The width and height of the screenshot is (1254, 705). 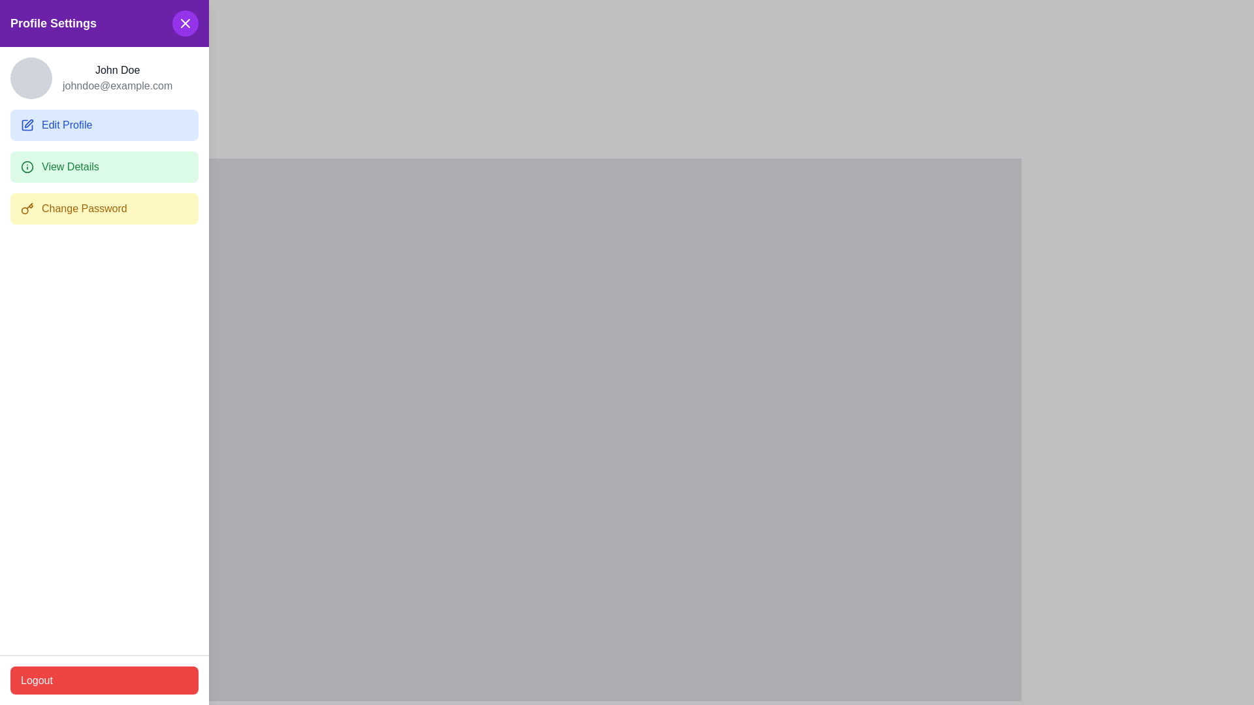 What do you see at coordinates (27, 166) in the screenshot?
I see `the 'View Details' icon located on the left side of the green button in the vertical menu, positioned between the 'Edit Profile' and 'Change Password' buttons` at bounding box center [27, 166].